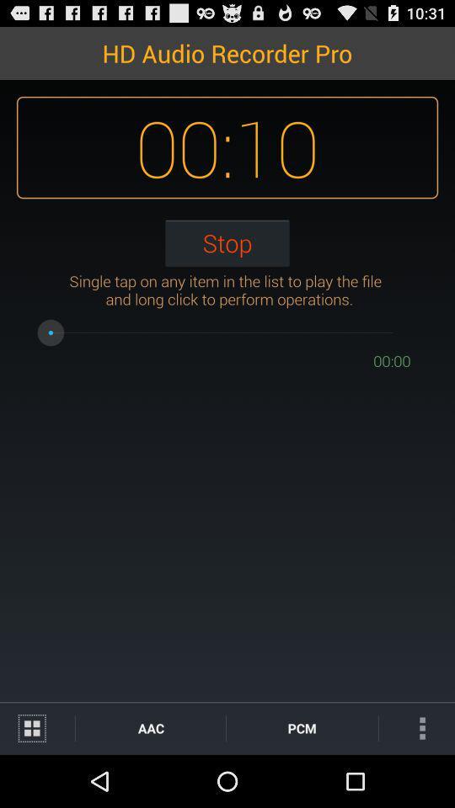 The width and height of the screenshot is (455, 808). Describe the element at coordinates (37, 727) in the screenshot. I see `change the list display to grid` at that location.